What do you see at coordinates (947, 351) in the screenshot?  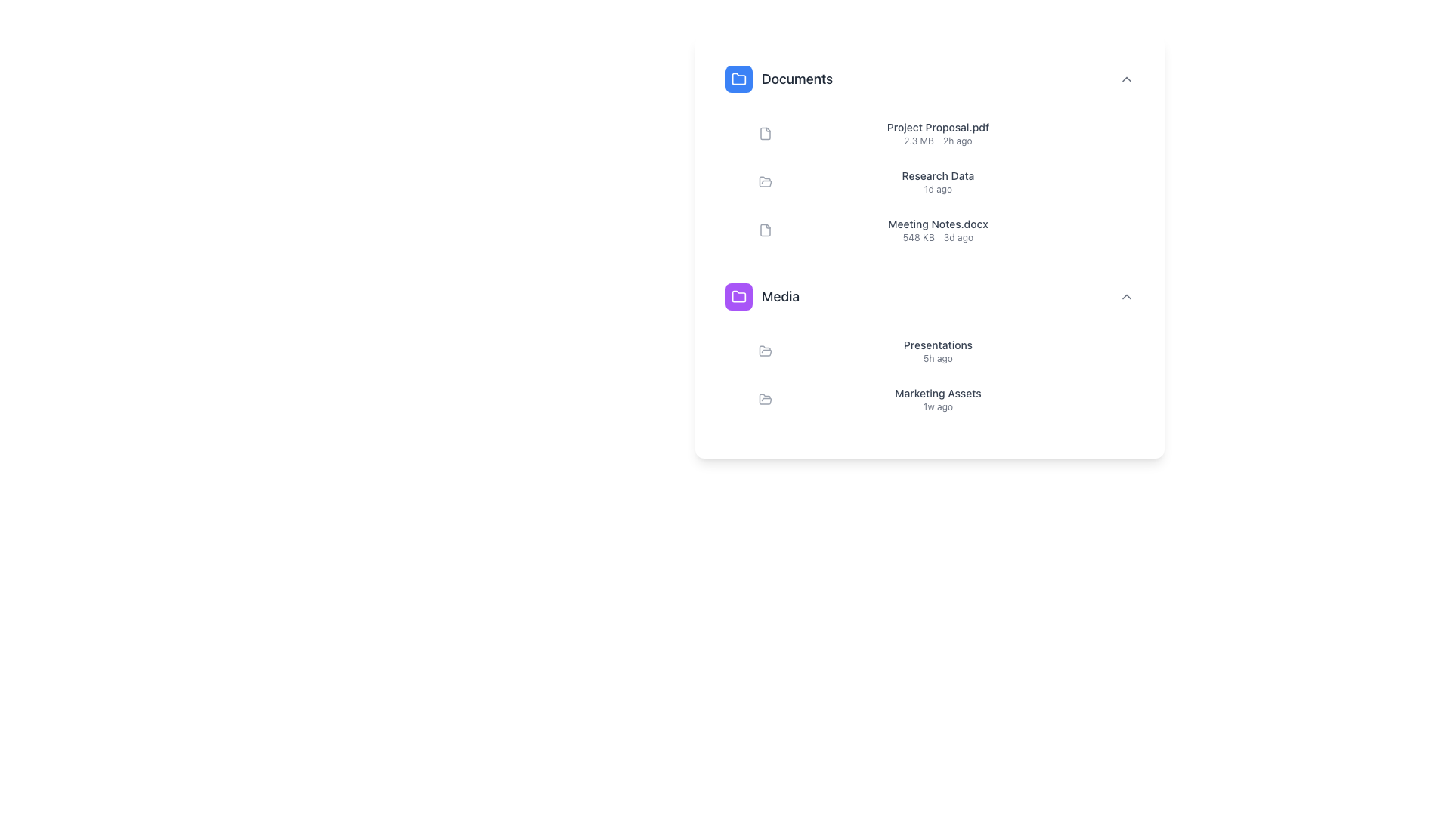 I see `the first list item in the 'Media' section, which contains a folder icon and the text 'Presentations'` at bounding box center [947, 351].